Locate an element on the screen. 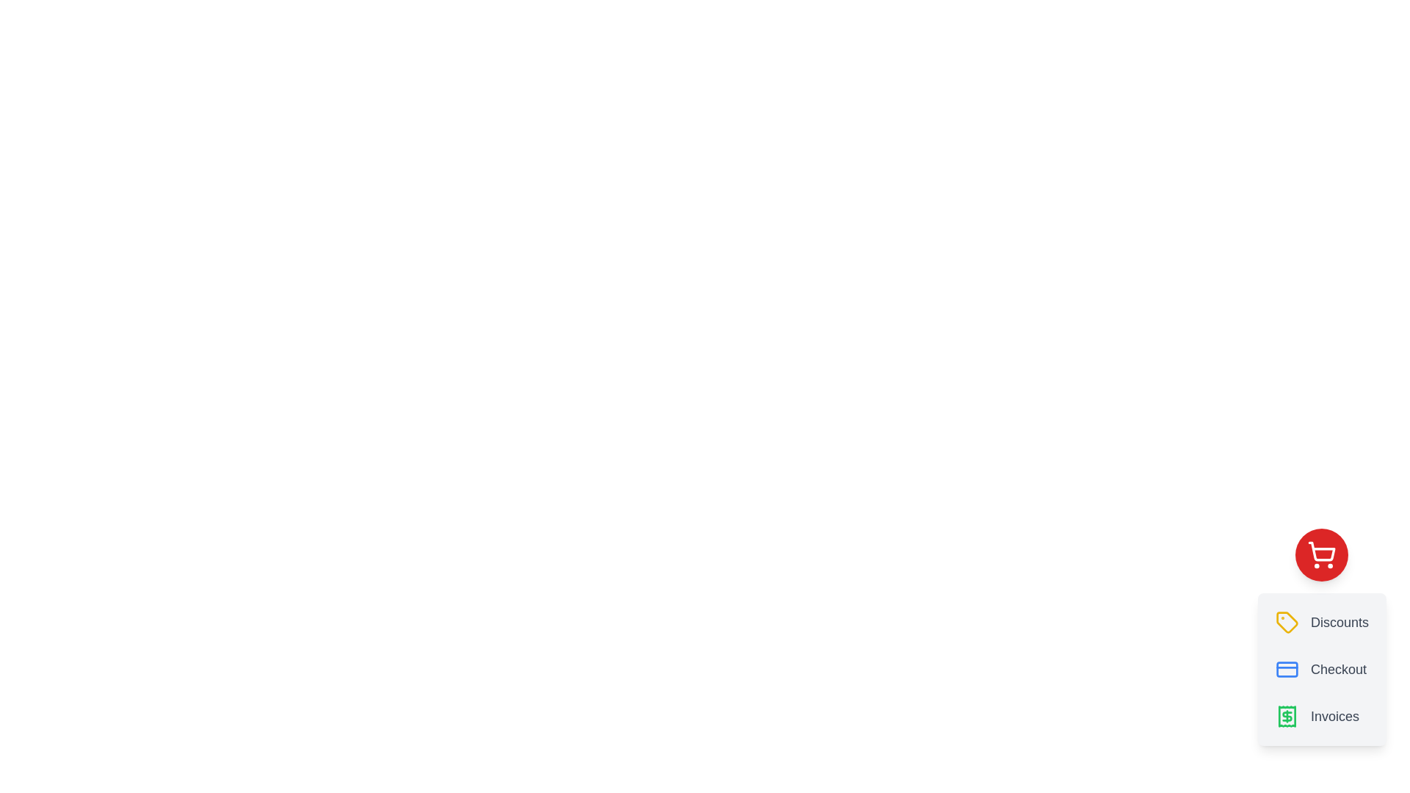  the 'Invoices' button with the green receipt icon is located at coordinates (1286, 715).